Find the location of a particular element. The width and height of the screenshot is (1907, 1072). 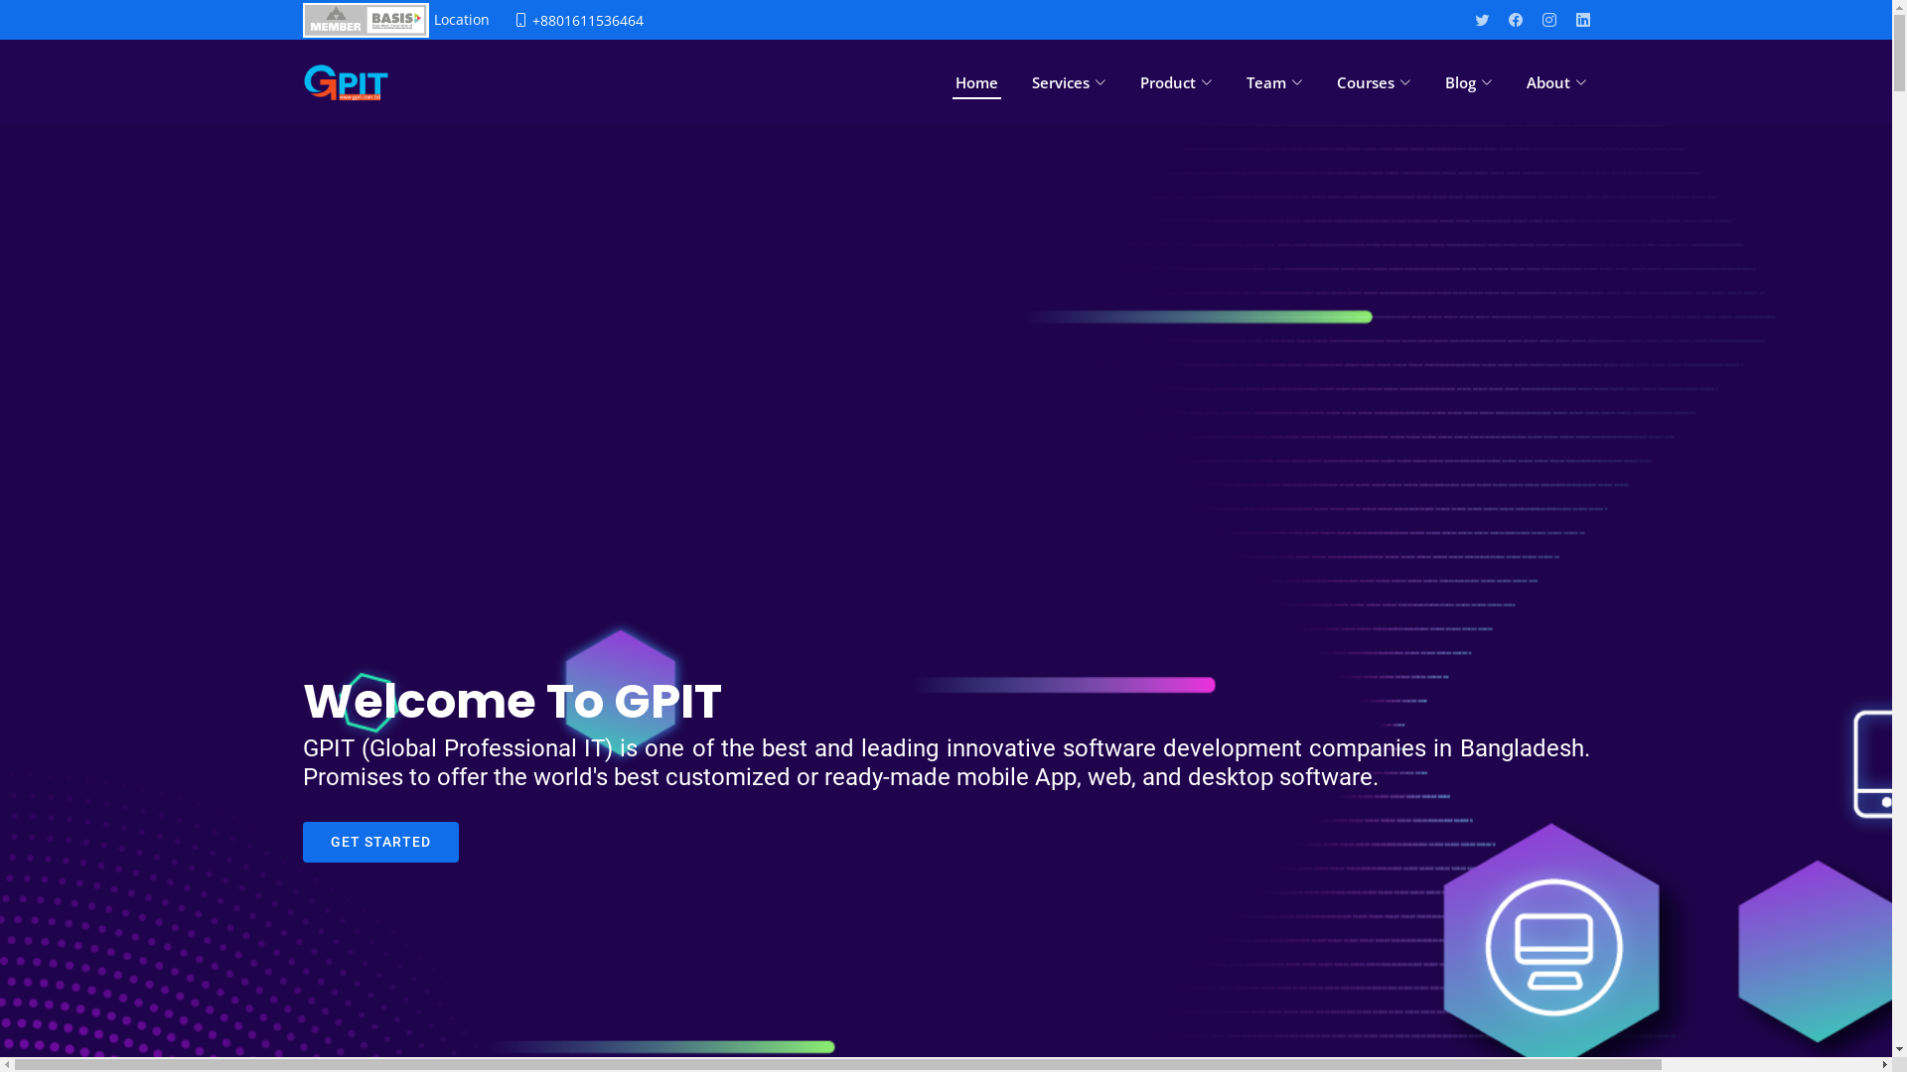

'Home' is located at coordinates (975, 81).